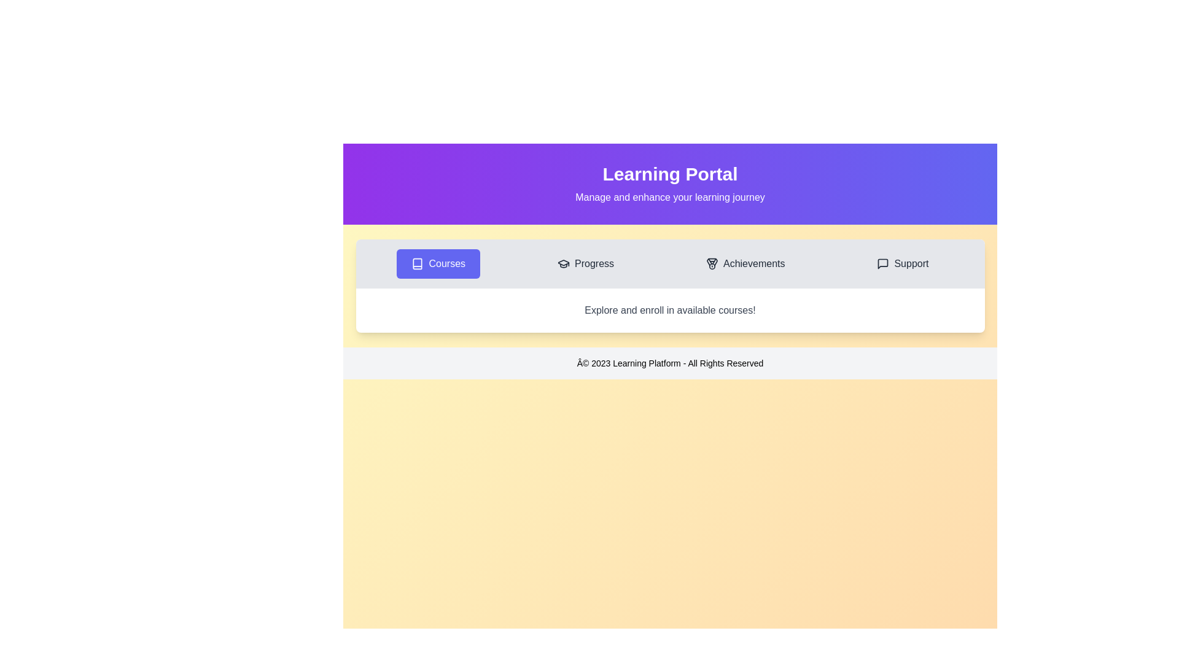  I want to click on the text label displaying 'Achievements', which is styled in dark color and positioned to the right of the medal icon within the horizontal navigation bar, so click(753, 263).